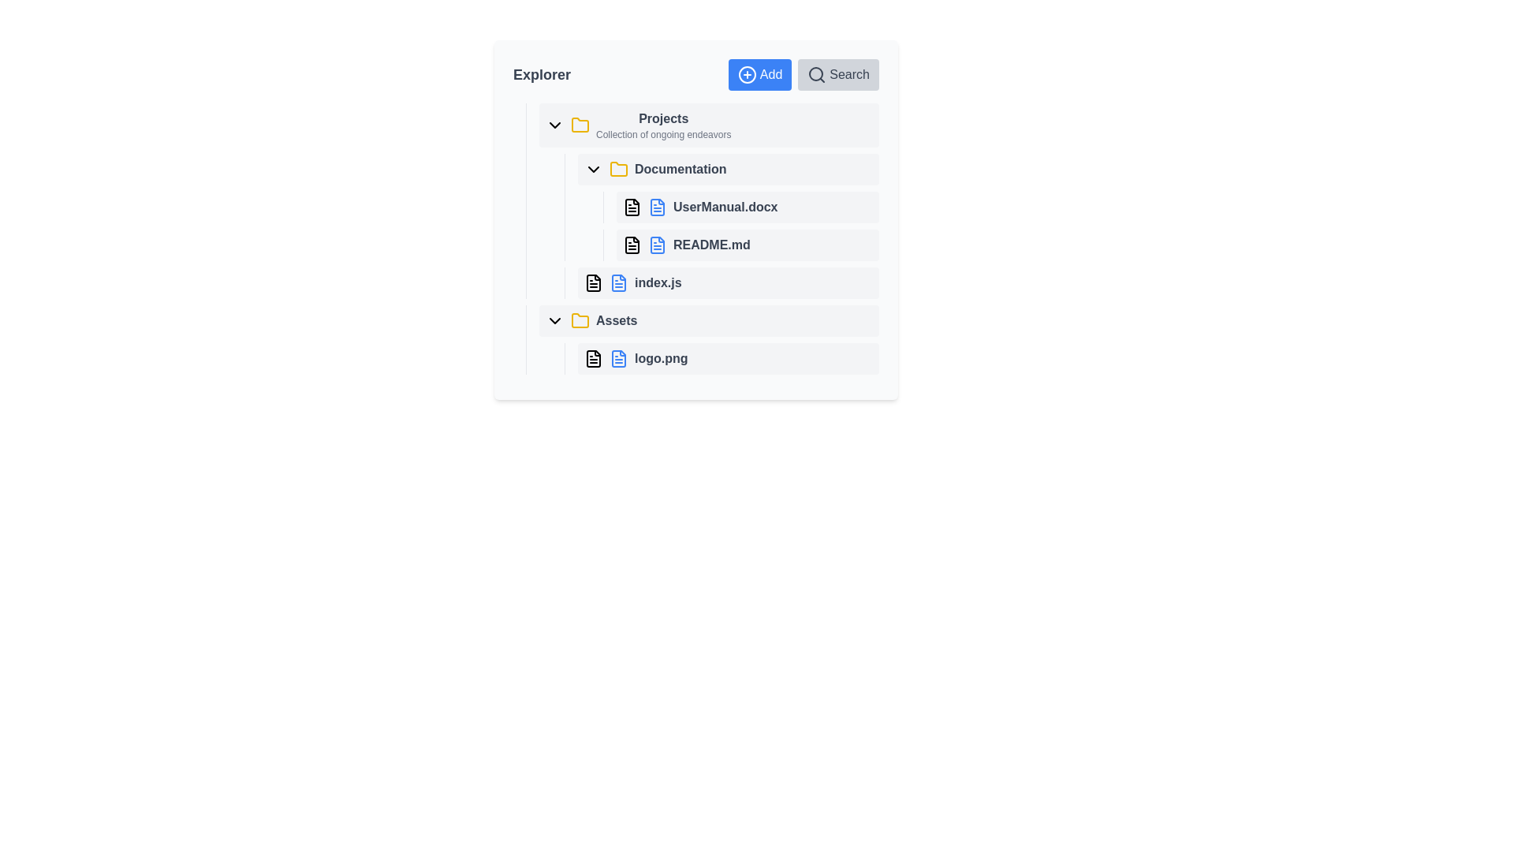  What do you see at coordinates (725, 206) in the screenshot?
I see `the text label identifying 'UserManual.docx'` at bounding box center [725, 206].